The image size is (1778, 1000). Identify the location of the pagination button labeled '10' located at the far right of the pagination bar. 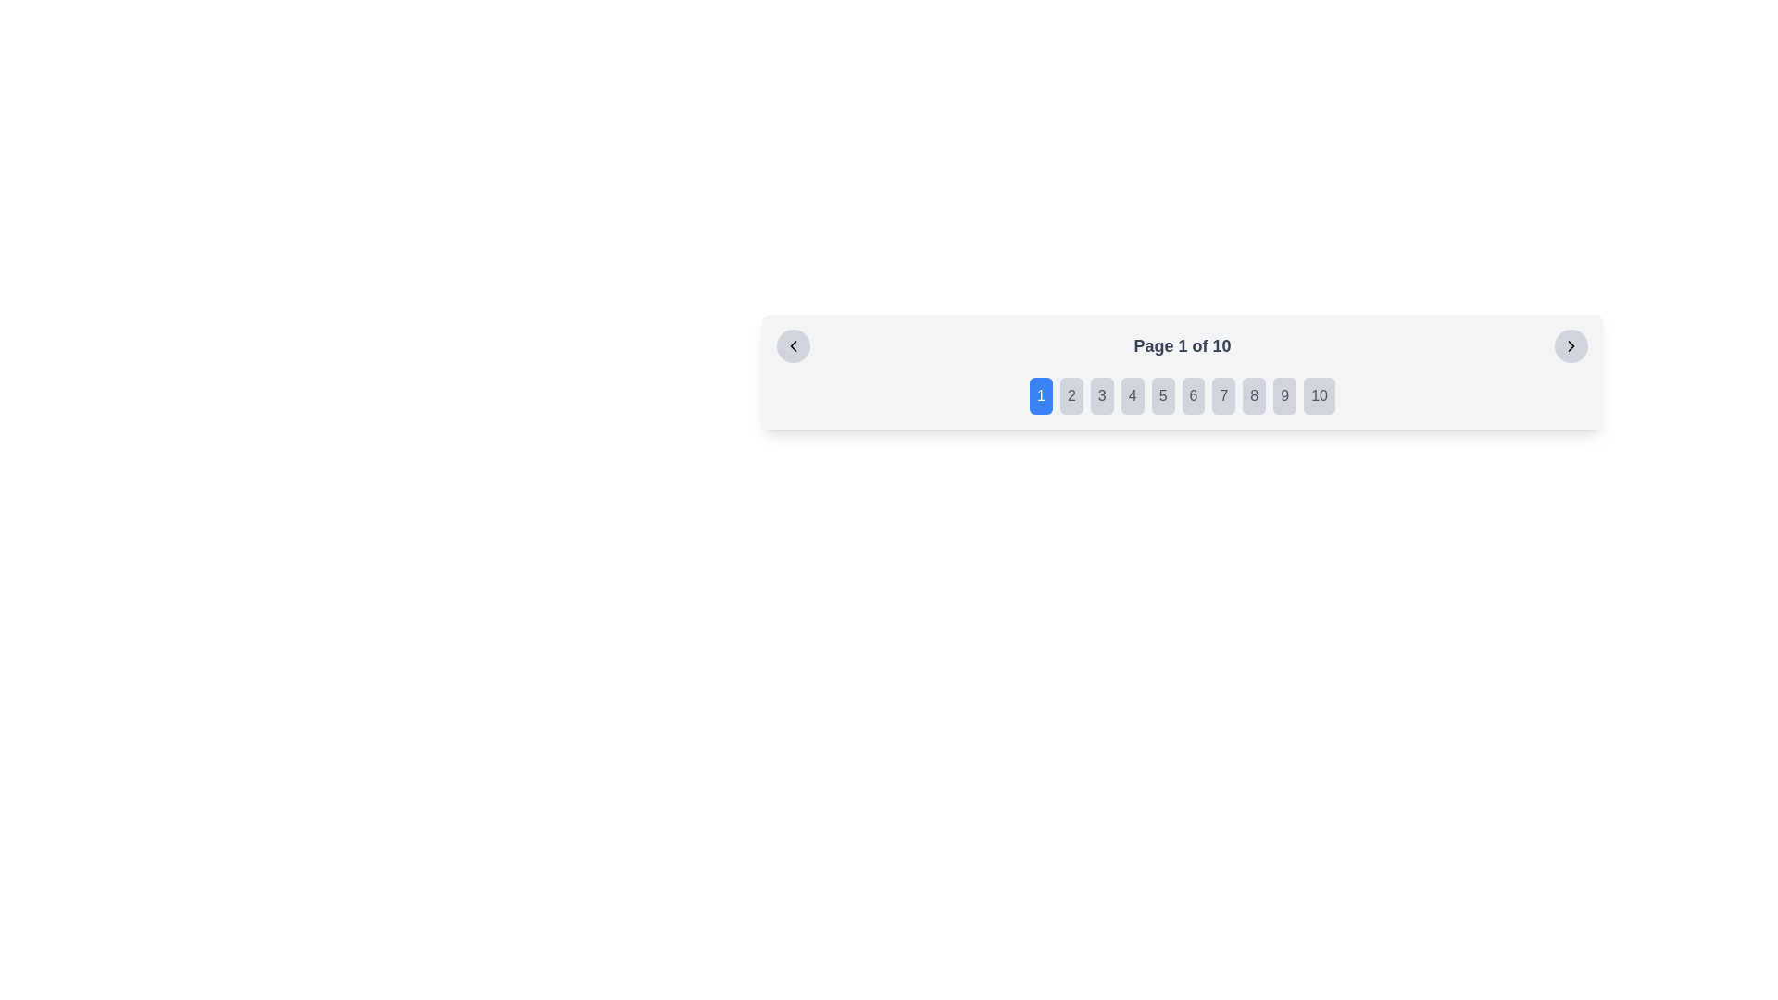
(1319, 395).